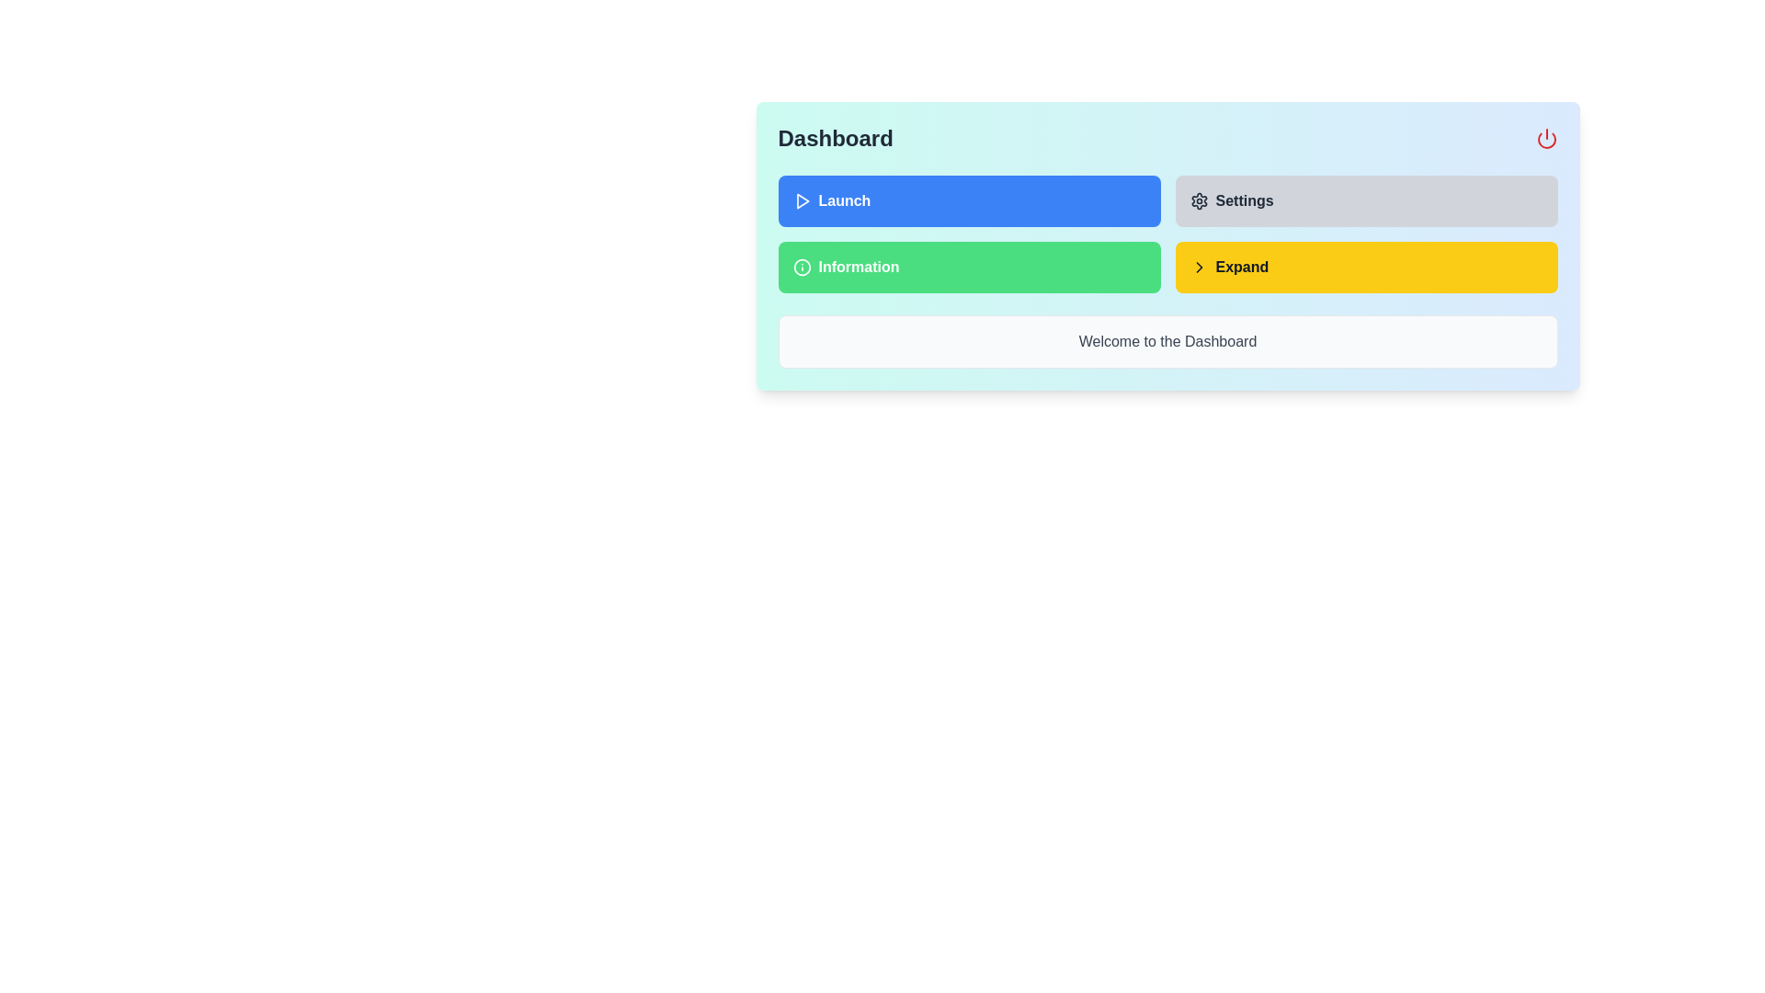  What do you see at coordinates (1199, 201) in the screenshot?
I see `the settings icon located inside the gray button labeled 'Settings'` at bounding box center [1199, 201].